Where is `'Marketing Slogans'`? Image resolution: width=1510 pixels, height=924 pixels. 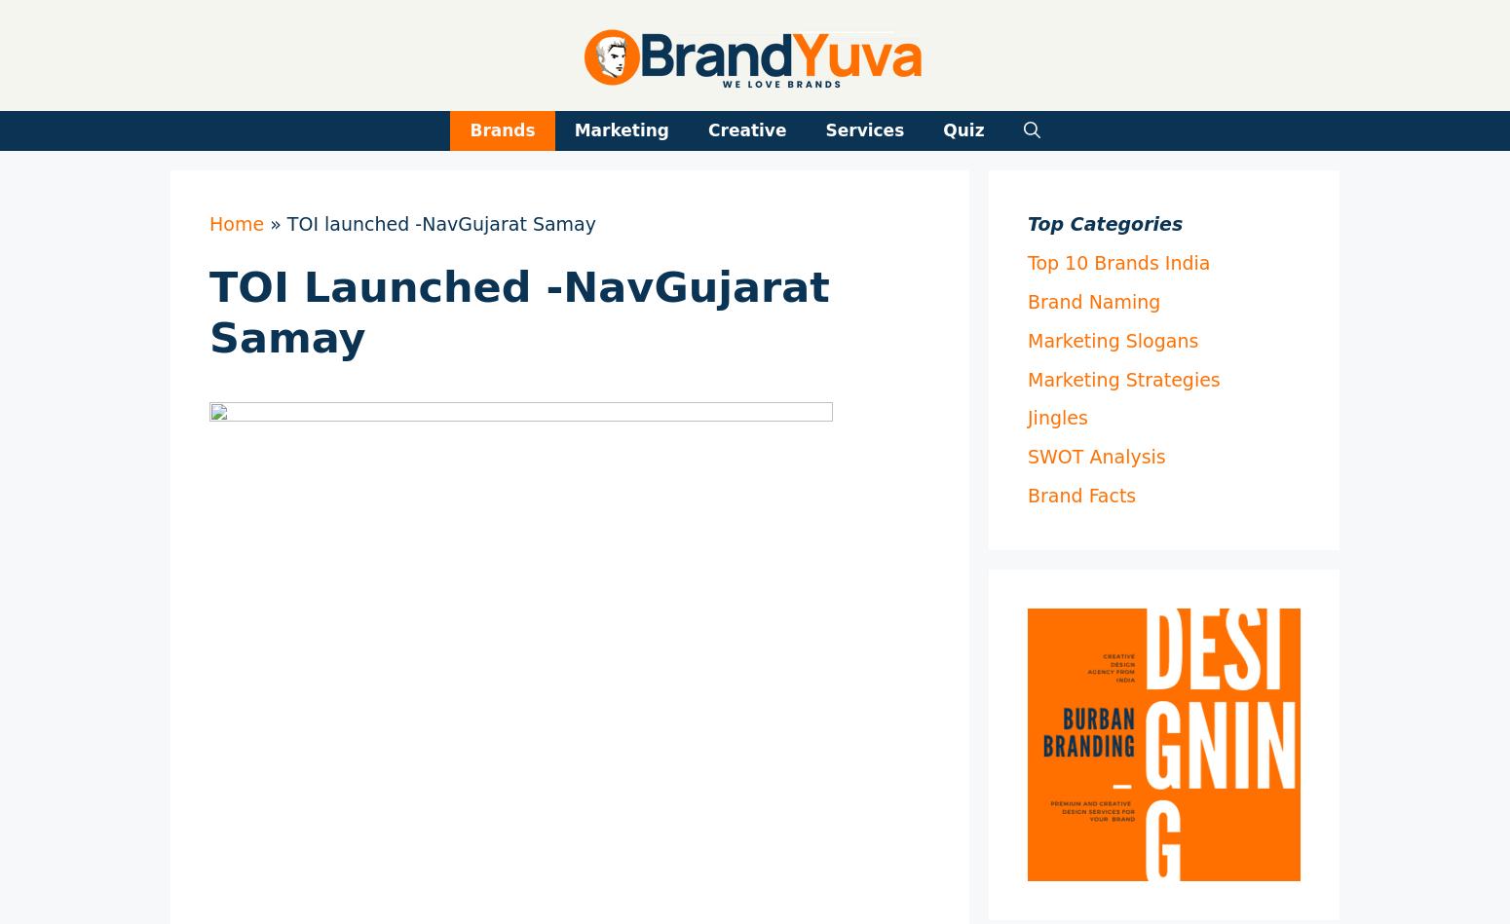 'Marketing Slogans' is located at coordinates (1112, 340).